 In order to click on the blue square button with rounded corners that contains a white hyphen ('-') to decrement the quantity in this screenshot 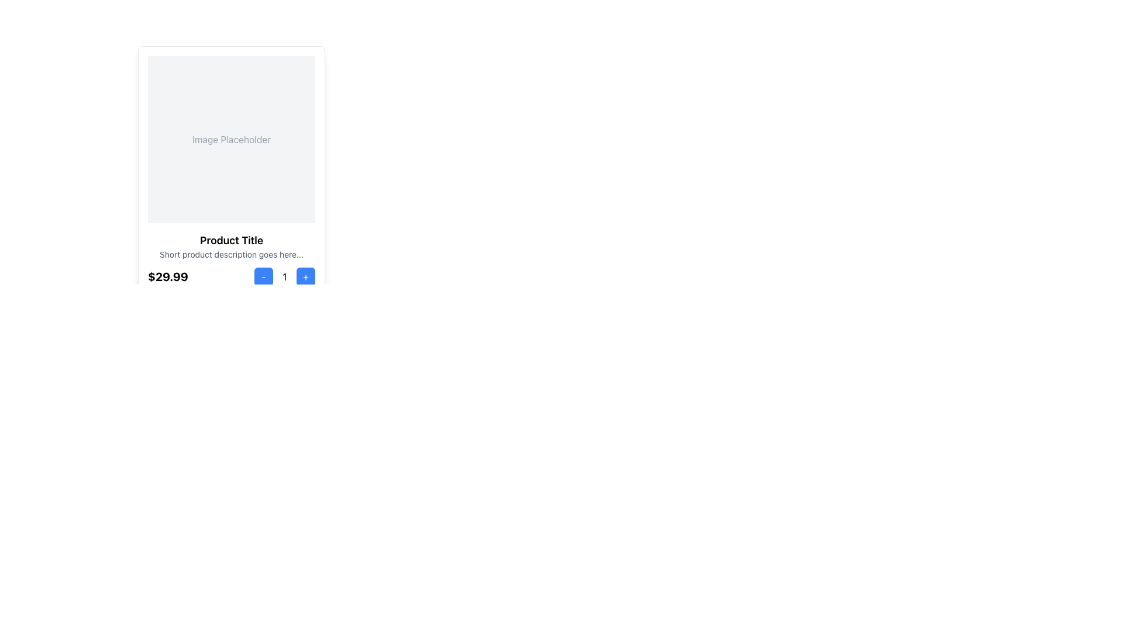, I will do `click(263, 277)`.